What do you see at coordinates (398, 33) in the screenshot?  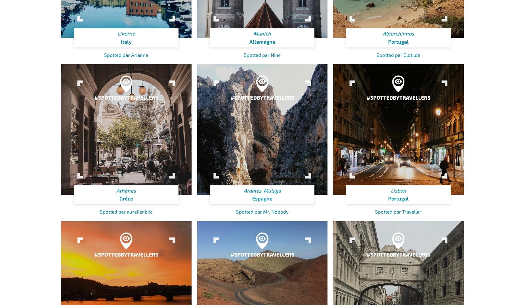 I see `'Alporchinhos'` at bounding box center [398, 33].